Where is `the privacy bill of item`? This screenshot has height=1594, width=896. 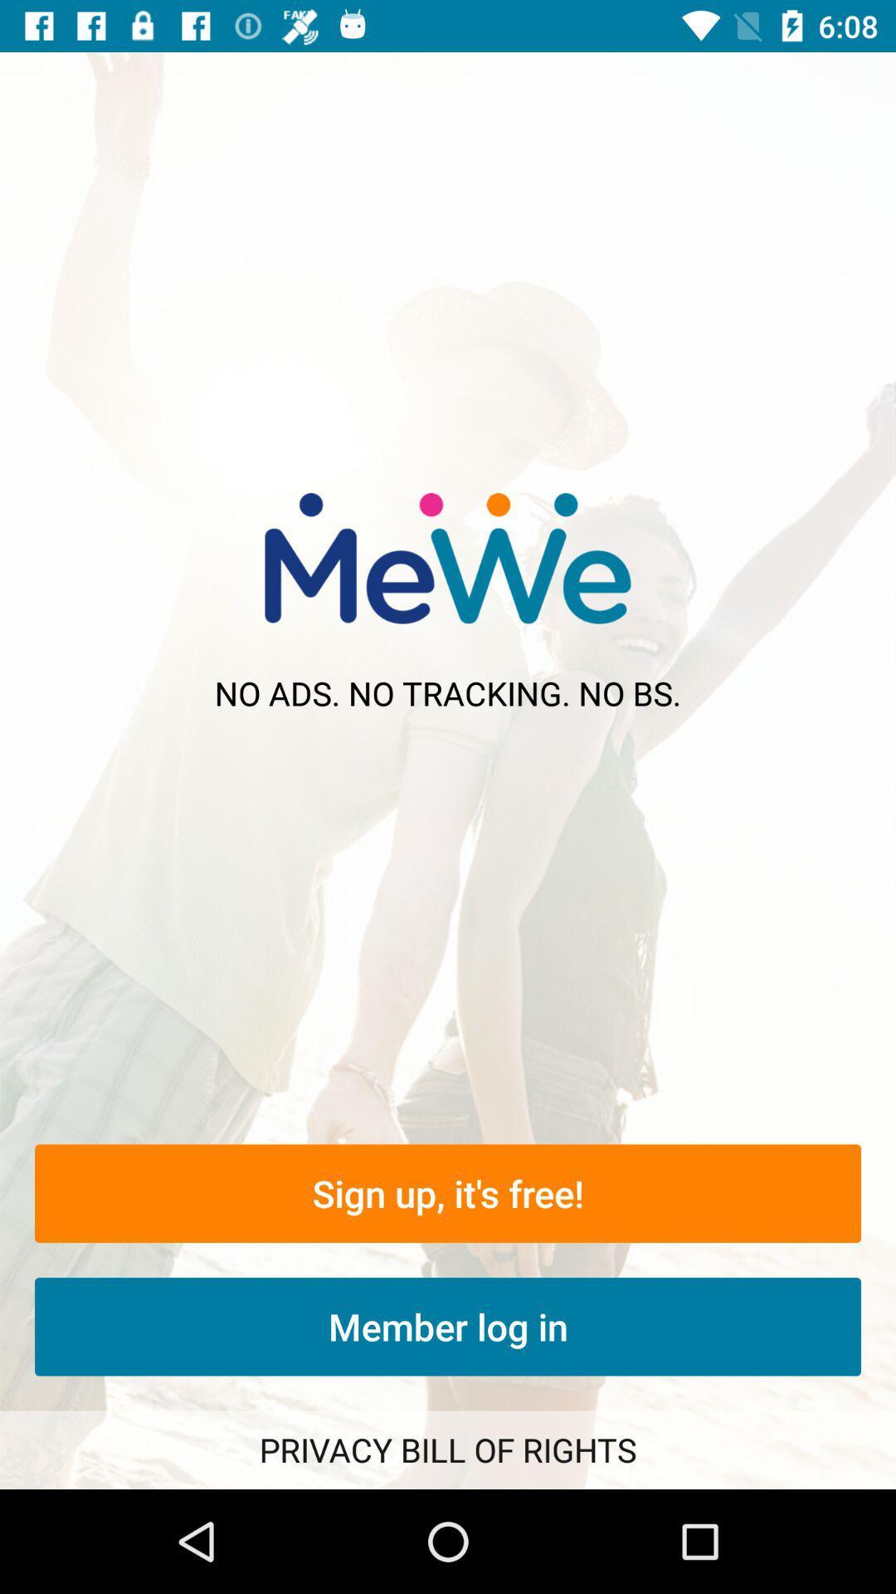
the privacy bill of item is located at coordinates (448, 1449).